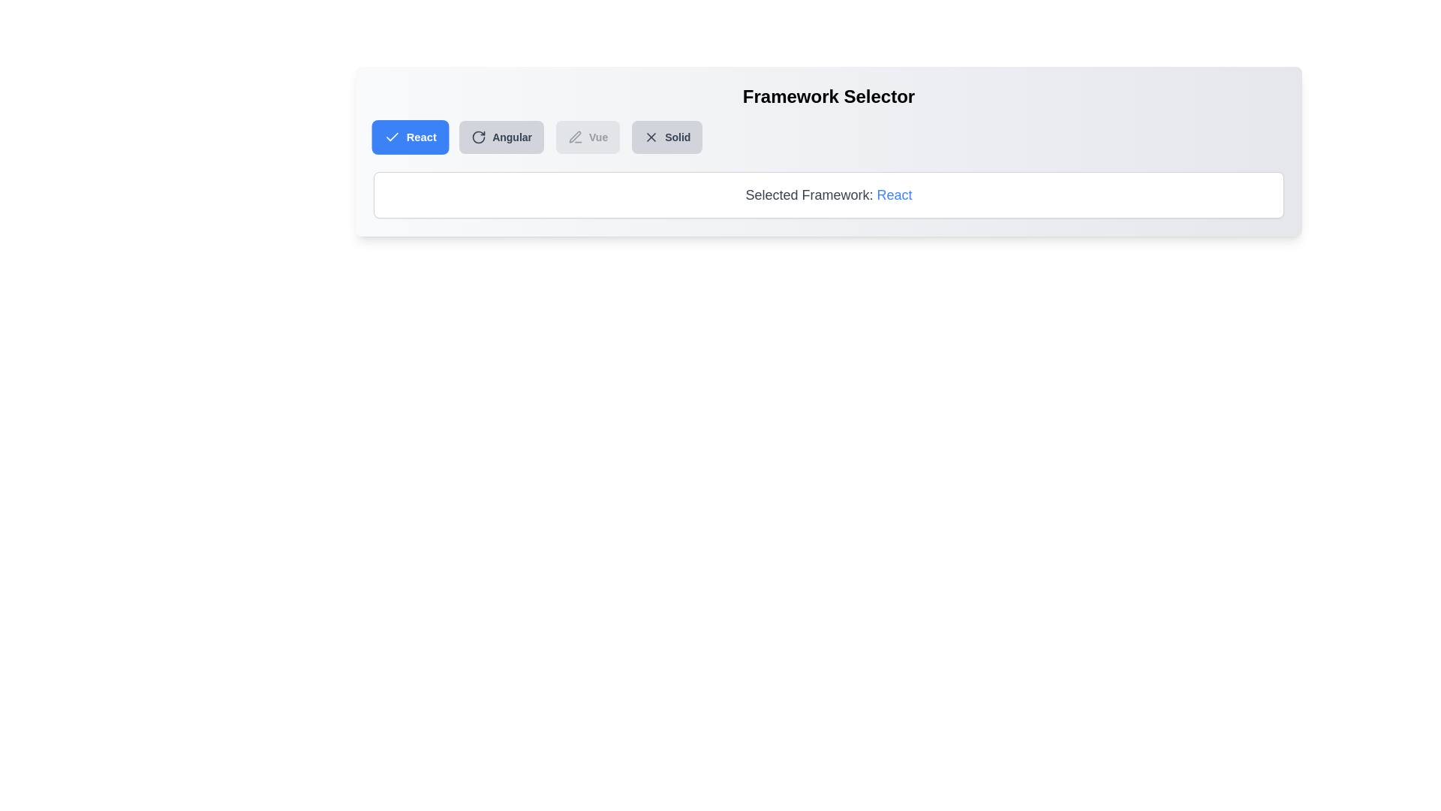 This screenshot has height=811, width=1441. I want to click on the blue 'React' button with white text and a checkmark icon, so click(411, 137).